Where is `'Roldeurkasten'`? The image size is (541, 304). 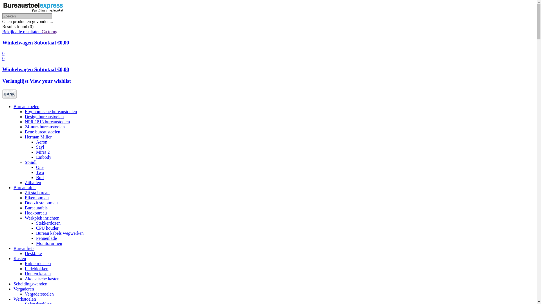
'Roldeurkasten' is located at coordinates (24, 263).